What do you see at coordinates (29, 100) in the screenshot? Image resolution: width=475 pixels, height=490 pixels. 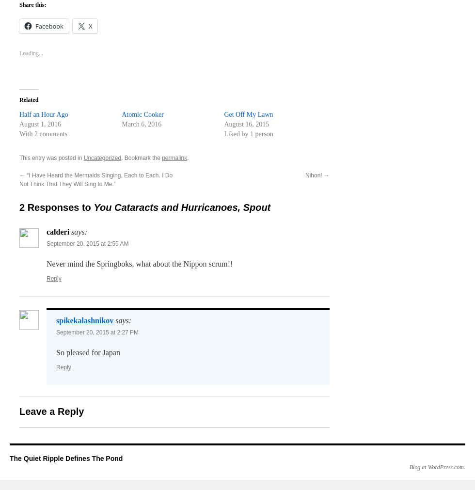 I see `'Related'` at bounding box center [29, 100].